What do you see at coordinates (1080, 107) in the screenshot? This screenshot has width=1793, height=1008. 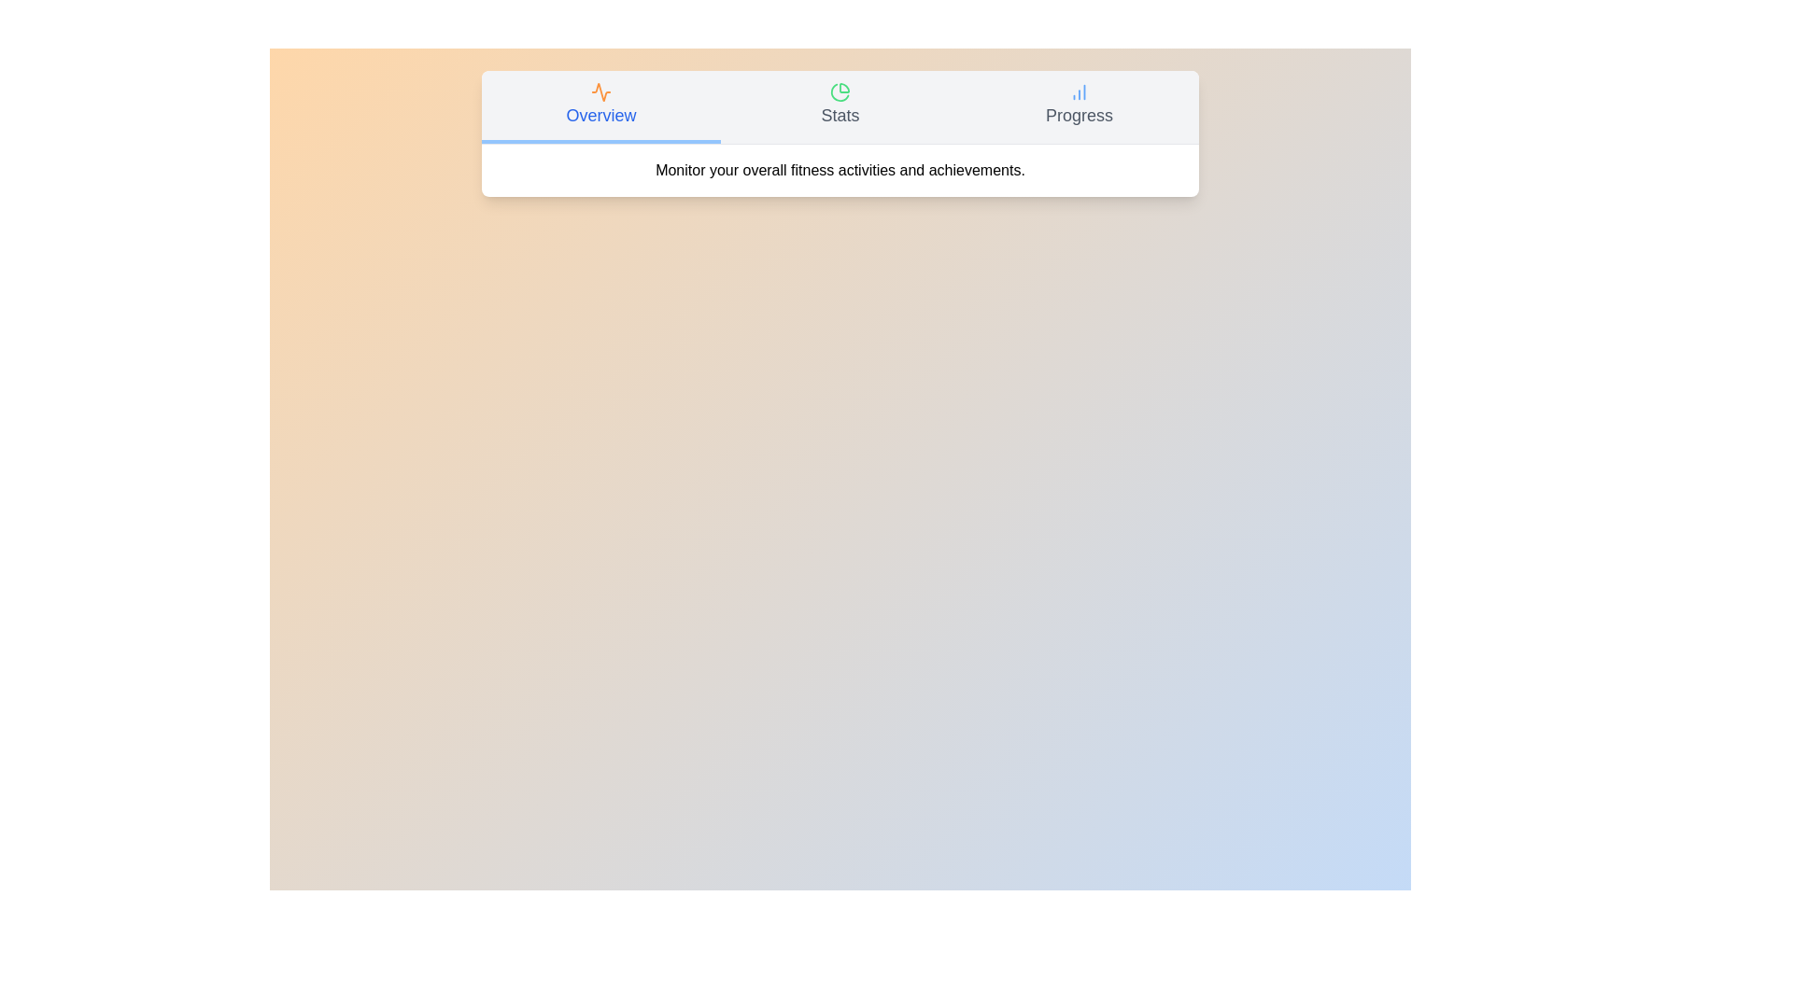 I see `the tab labeled Progress to preview its hover style` at bounding box center [1080, 107].